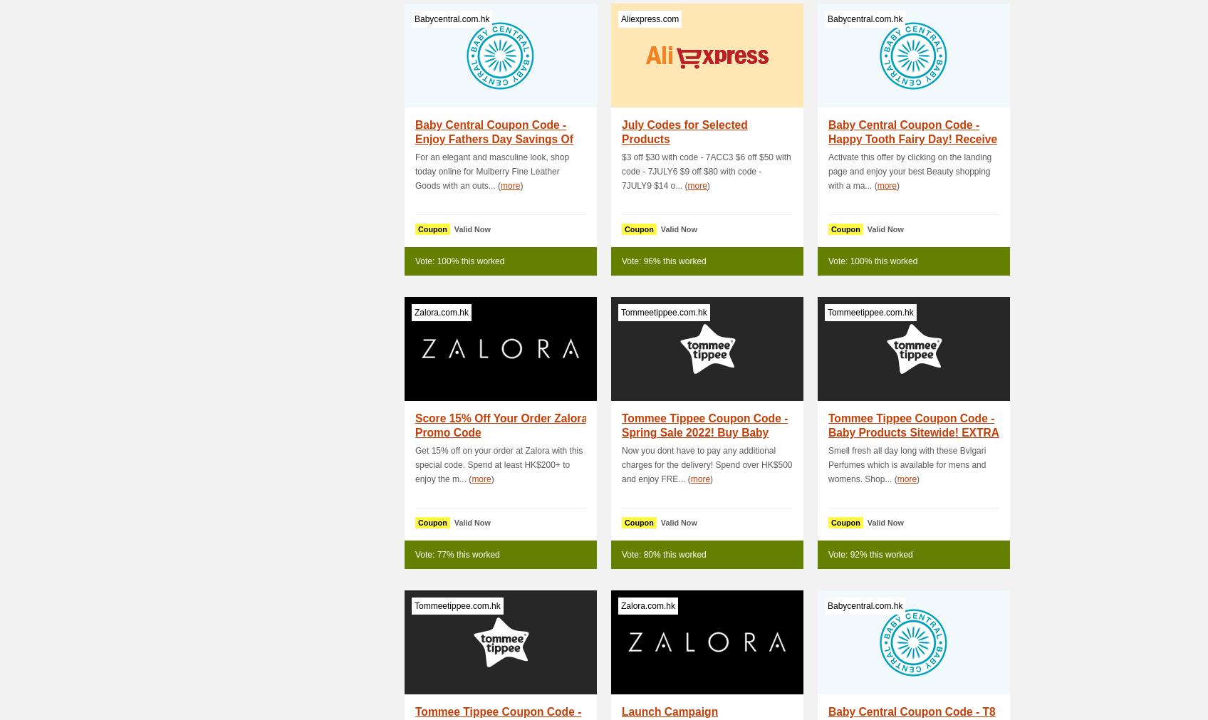 The height and width of the screenshot is (720, 1208). Describe the element at coordinates (869, 553) in the screenshot. I see `'Vote: 92% this worked'` at that location.